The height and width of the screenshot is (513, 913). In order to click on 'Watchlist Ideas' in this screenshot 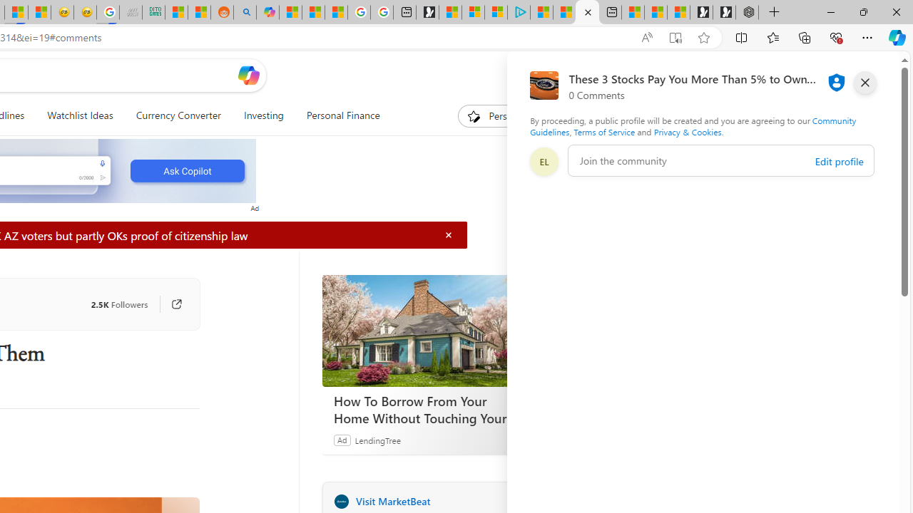, I will do `click(79, 115)`.